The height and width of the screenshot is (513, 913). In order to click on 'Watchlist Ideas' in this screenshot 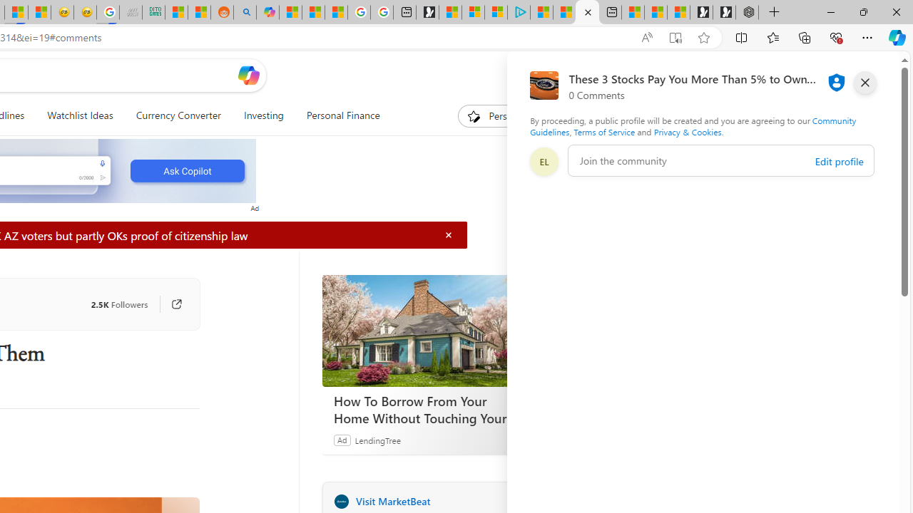, I will do `click(79, 115)`.